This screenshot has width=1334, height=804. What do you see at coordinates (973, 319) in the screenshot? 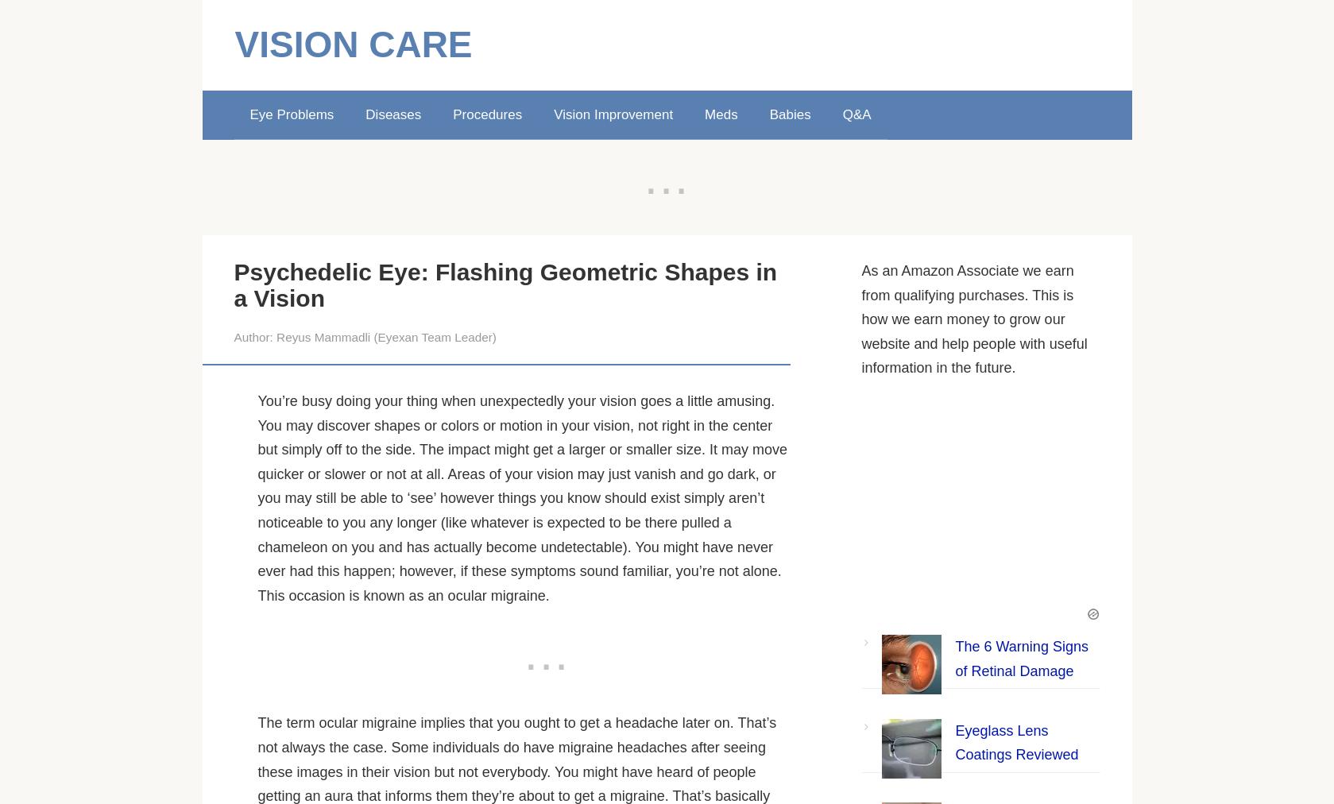
I see `'As an Amazon Associate we earn from qualifying purchases. This is how we earn money to grow our website and help people with useful information in the future.'` at bounding box center [973, 319].